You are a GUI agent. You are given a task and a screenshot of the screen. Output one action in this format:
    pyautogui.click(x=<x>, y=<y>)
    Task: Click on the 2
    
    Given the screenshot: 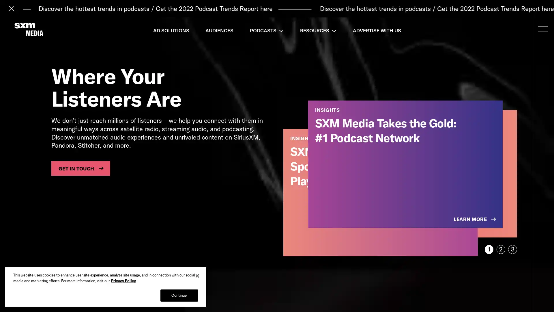 What is the action you would take?
    pyautogui.click(x=500, y=249)
    